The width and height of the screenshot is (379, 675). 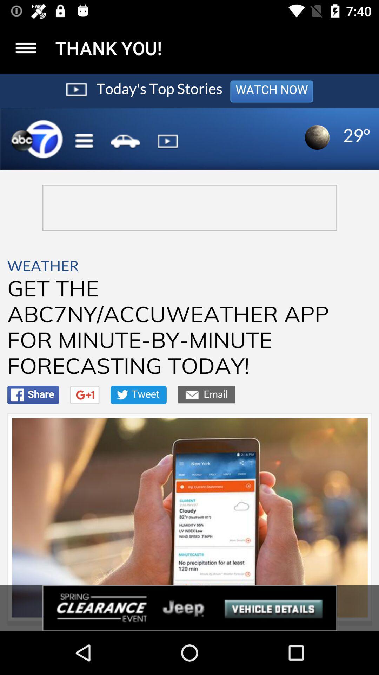 I want to click on option the article, so click(x=25, y=47).